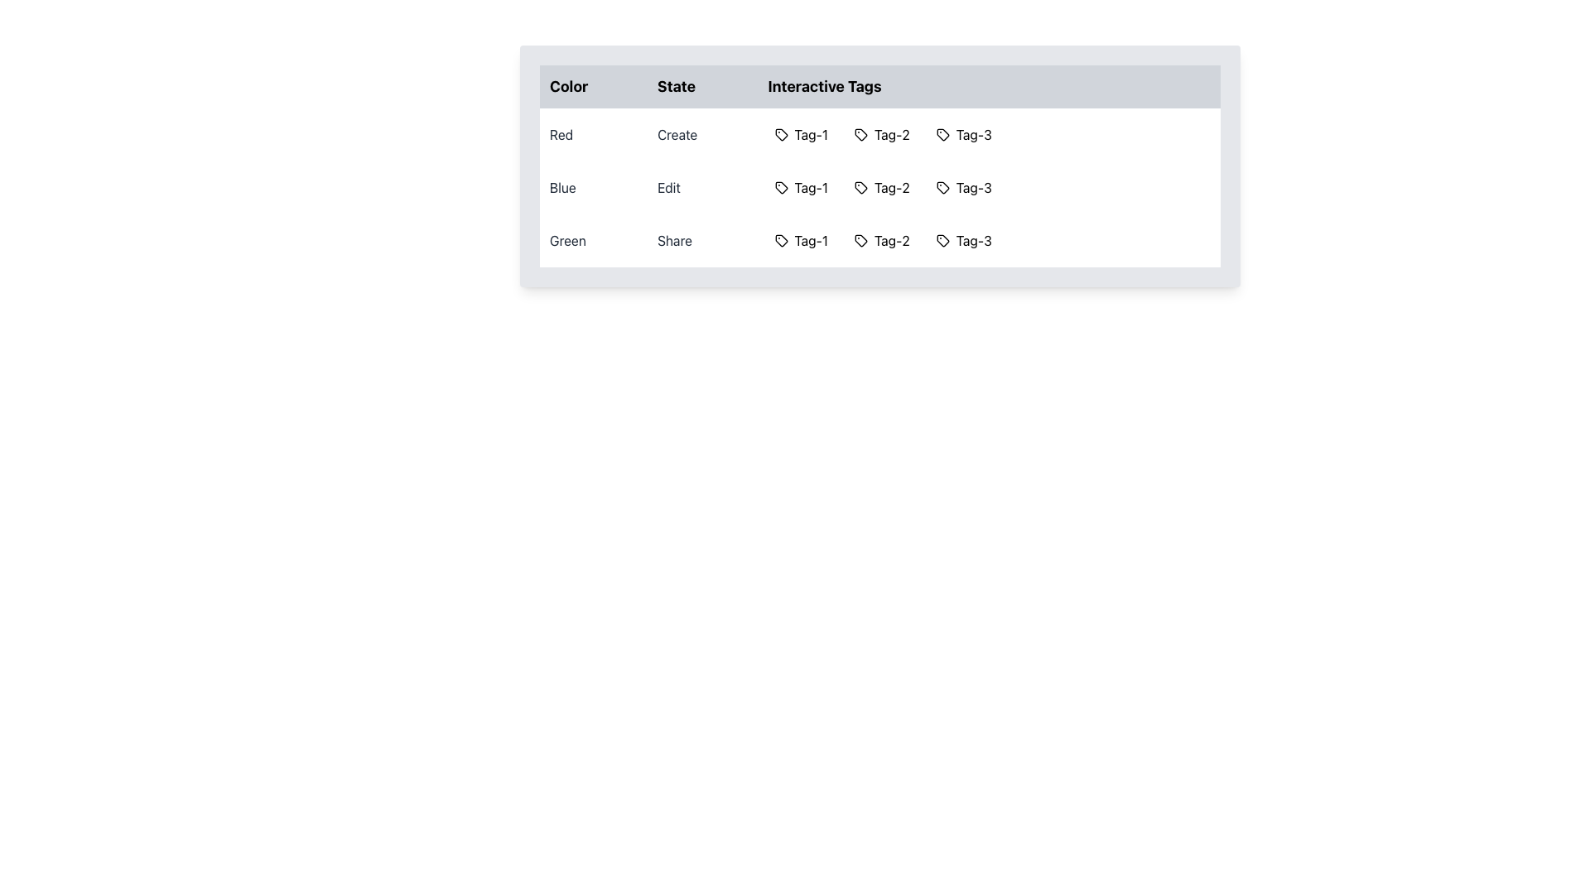  What do you see at coordinates (811, 240) in the screenshot?
I see `the first tag in the 'Interactive Tags' column corresponding to the 'Green' color and 'Share' state` at bounding box center [811, 240].